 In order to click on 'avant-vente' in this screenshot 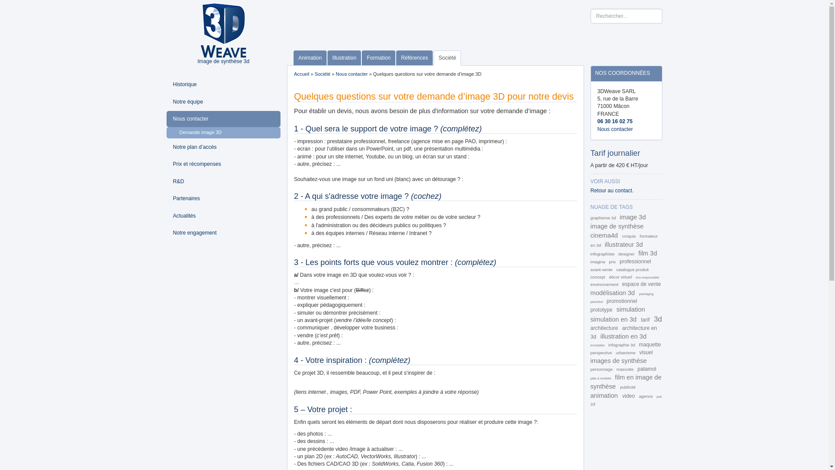, I will do `click(602, 269)`.